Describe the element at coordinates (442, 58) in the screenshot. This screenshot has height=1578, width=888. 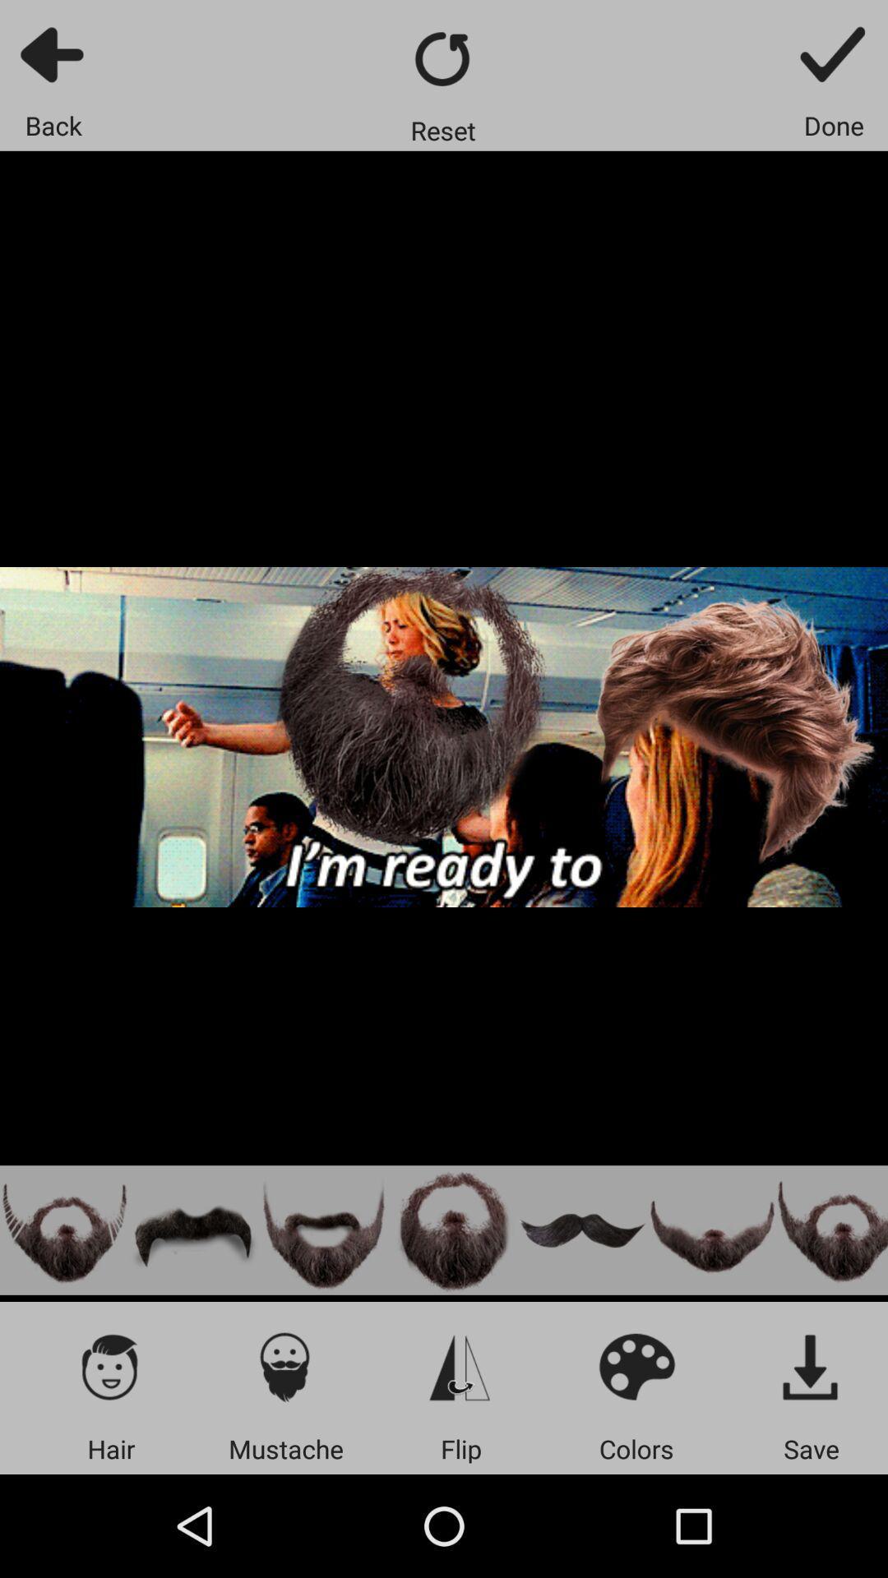
I see `the refresh icon` at that location.